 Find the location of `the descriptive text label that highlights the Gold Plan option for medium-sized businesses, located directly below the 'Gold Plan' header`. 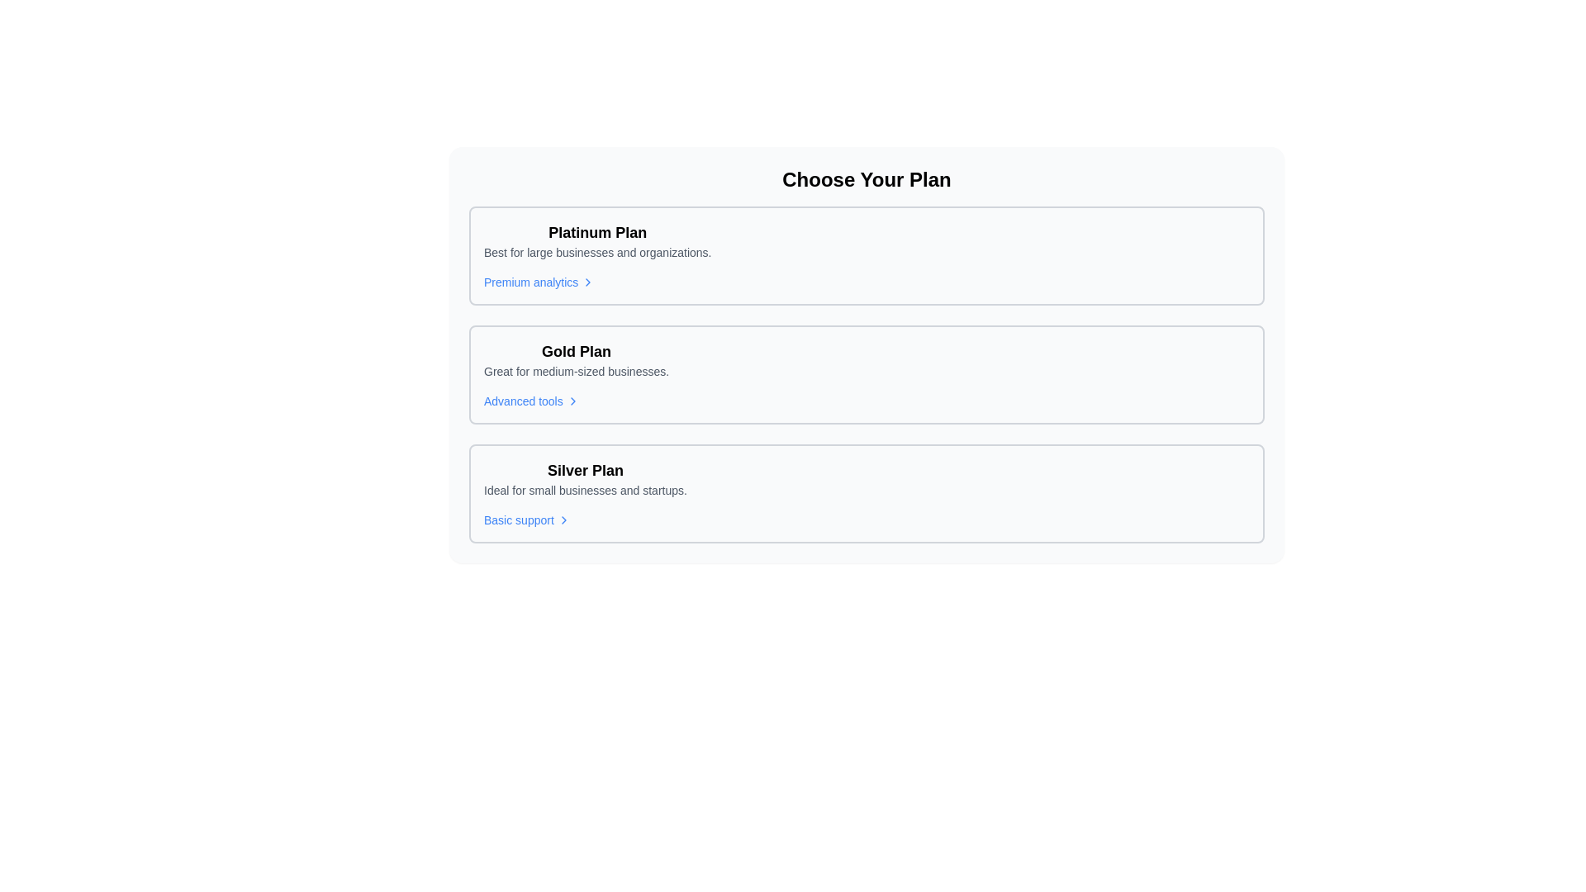

the descriptive text label that highlights the Gold Plan option for medium-sized businesses, located directly below the 'Gold Plan' header is located at coordinates (577, 372).